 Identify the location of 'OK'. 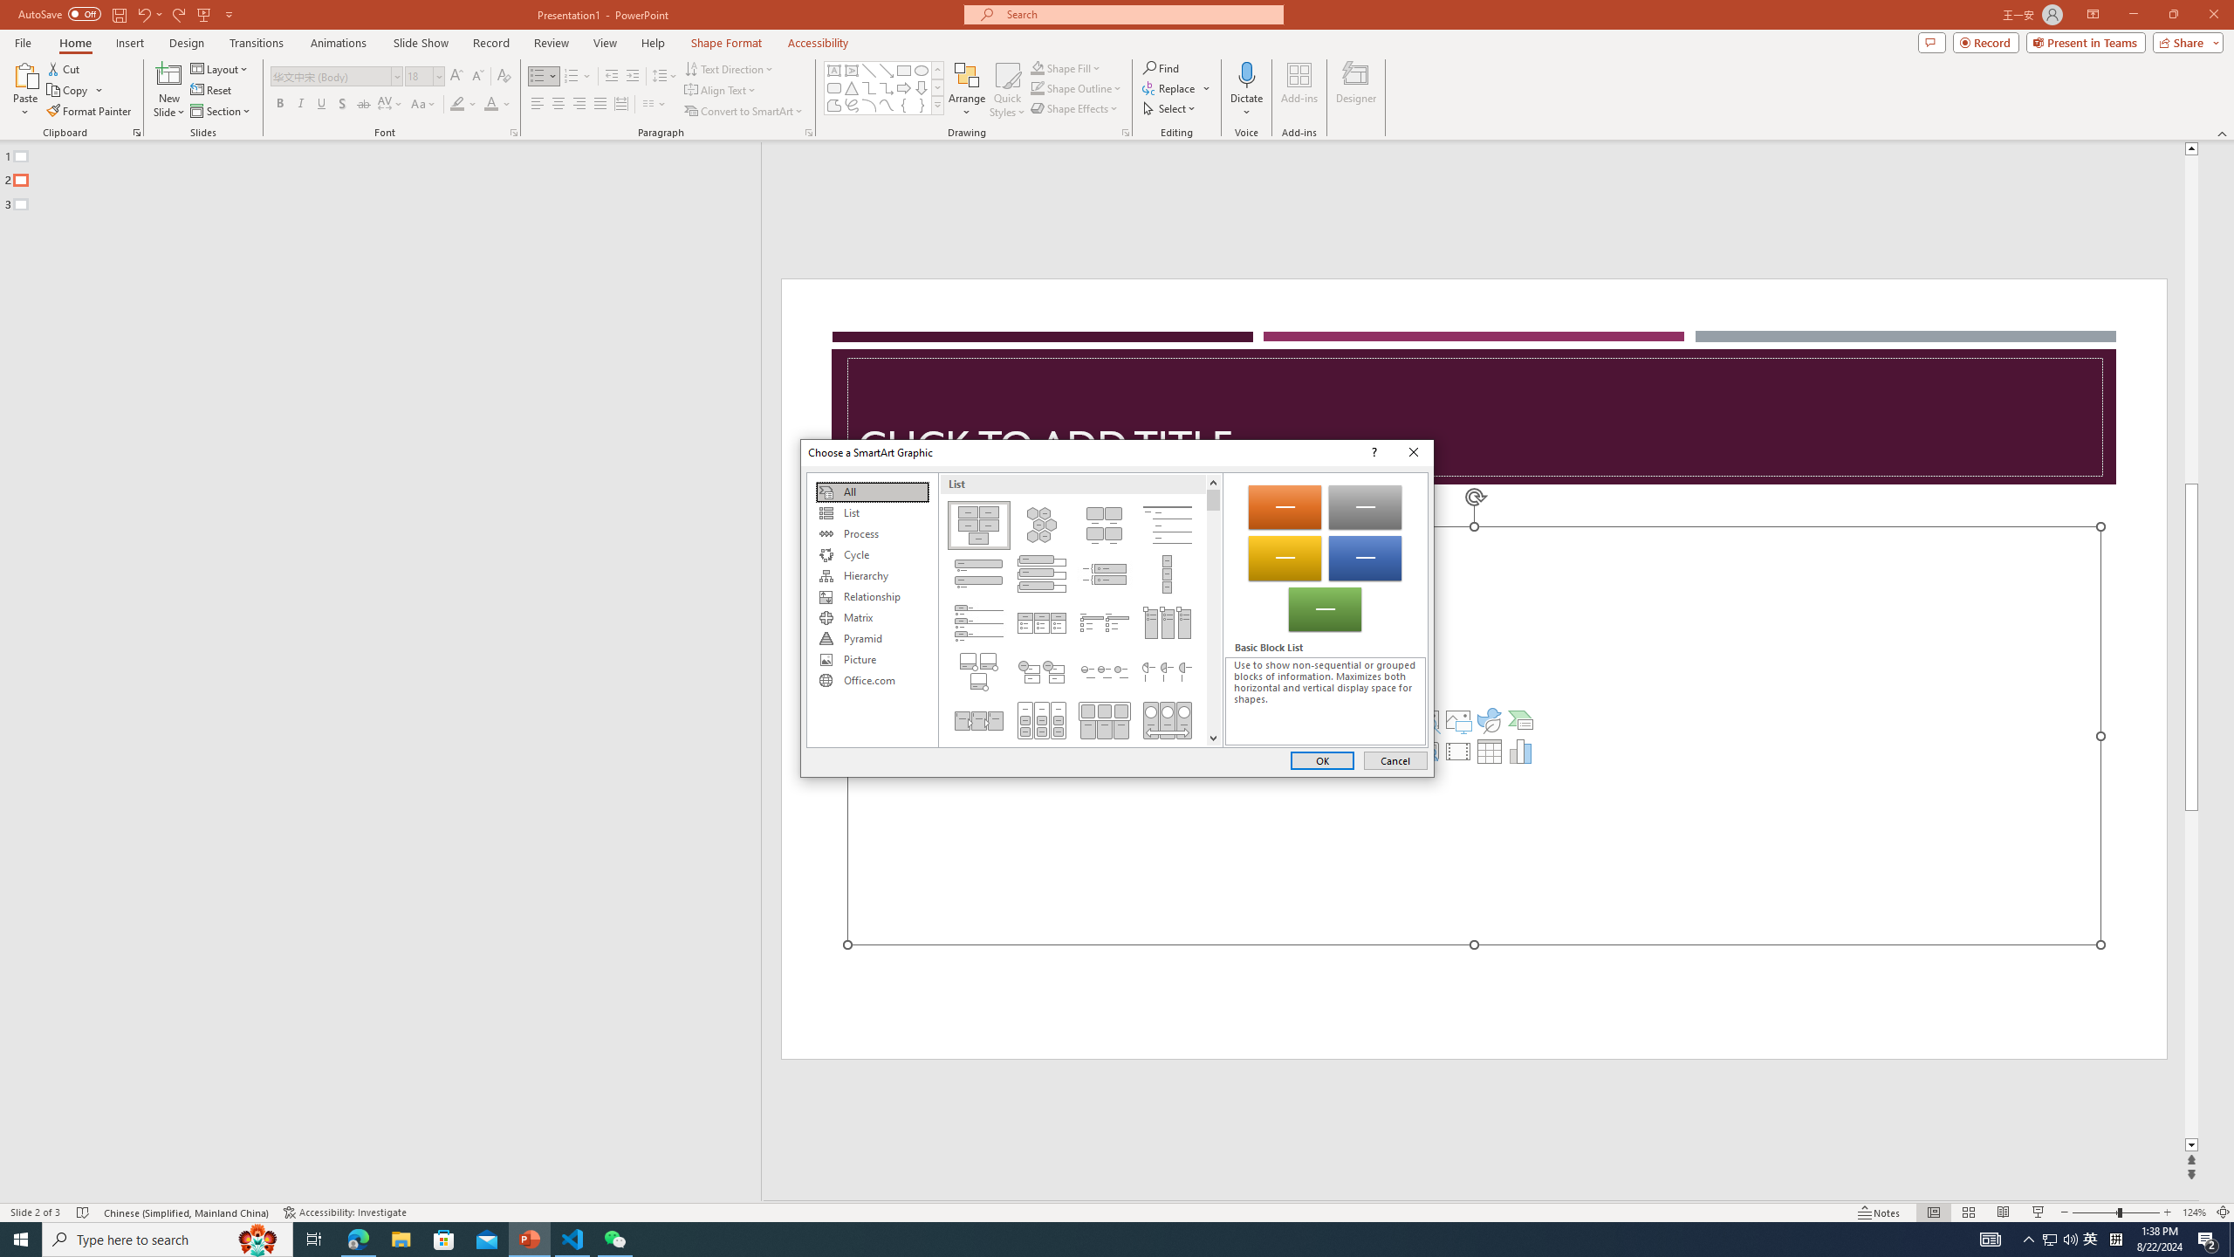
(1322, 759).